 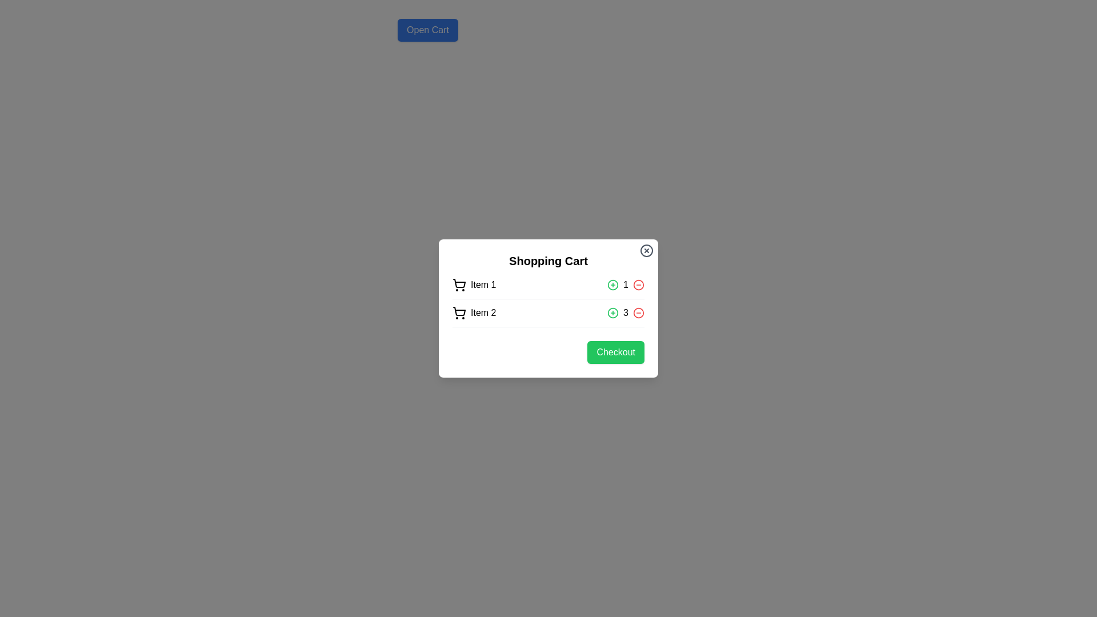 What do you see at coordinates (625, 312) in the screenshot?
I see `the static text element indicating the current quantity of 'Item 2' in the shopping cart, which is the third item in the quantity control group` at bounding box center [625, 312].